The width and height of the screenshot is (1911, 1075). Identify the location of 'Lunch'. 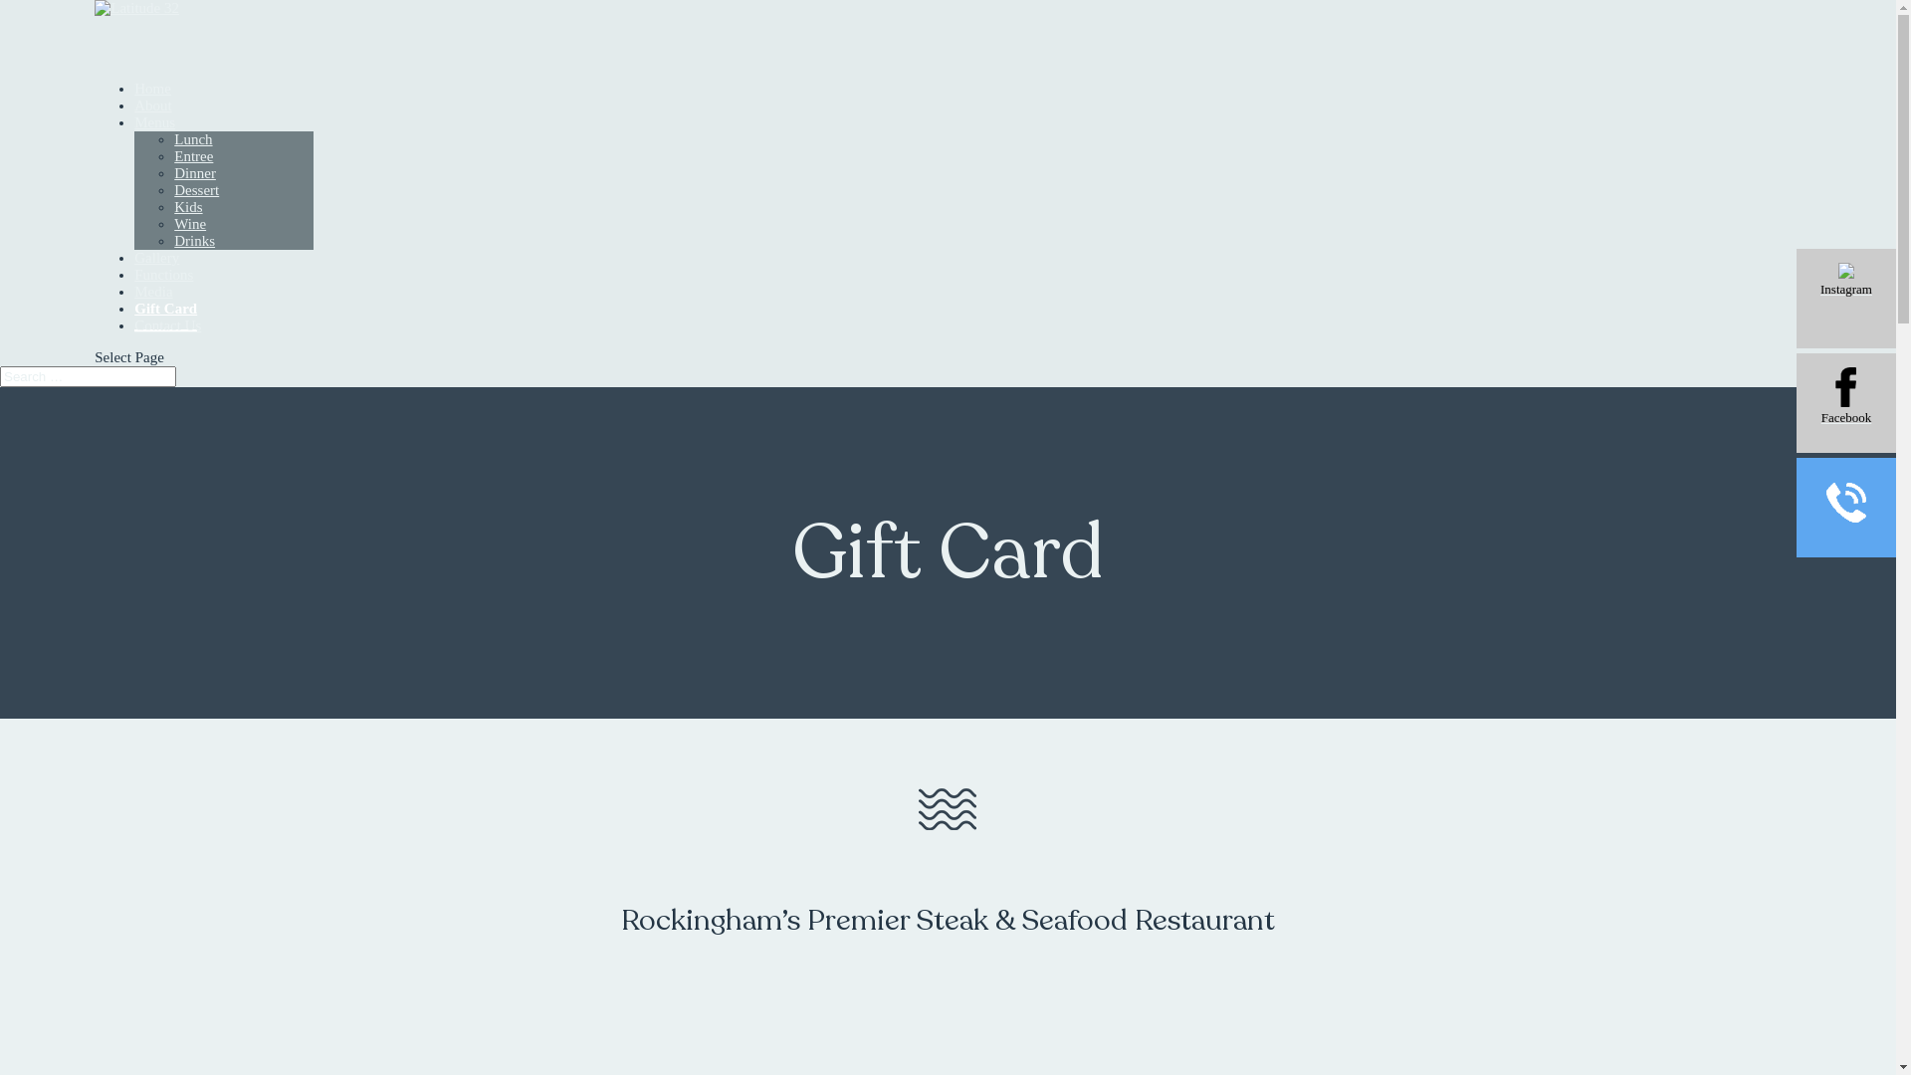
(192, 137).